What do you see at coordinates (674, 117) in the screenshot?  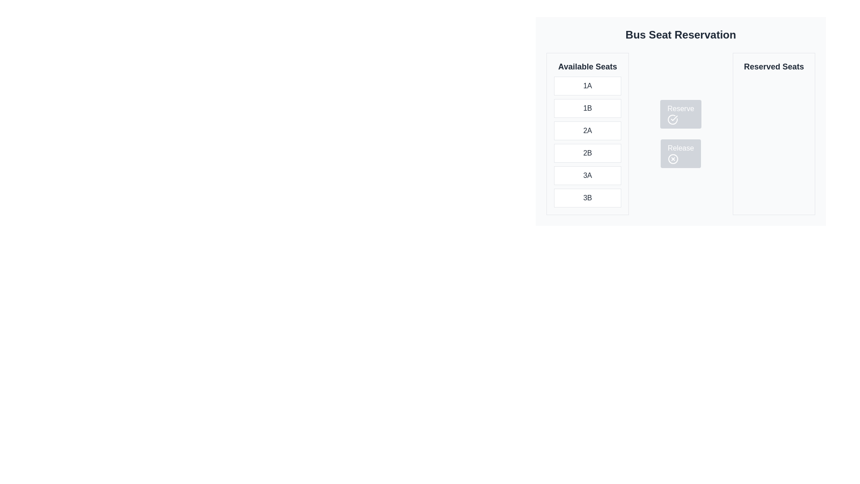 I see `the checkmark-shaped icon within the circular boundary, which is part of the 'Reserve' button located to the right of the 'Available Seats' column in the Bus Seat Reservation interface` at bounding box center [674, 117].